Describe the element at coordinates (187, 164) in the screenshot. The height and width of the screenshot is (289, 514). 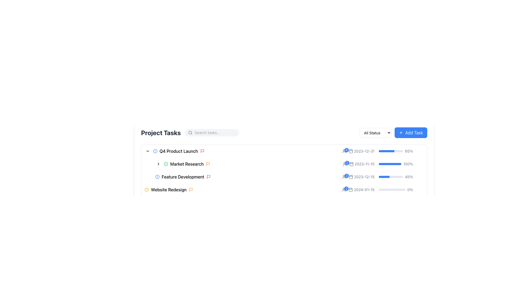
I see `the 'Market Research' task label within the 'Q4 Product Launch' project in the project management interface` at that location.